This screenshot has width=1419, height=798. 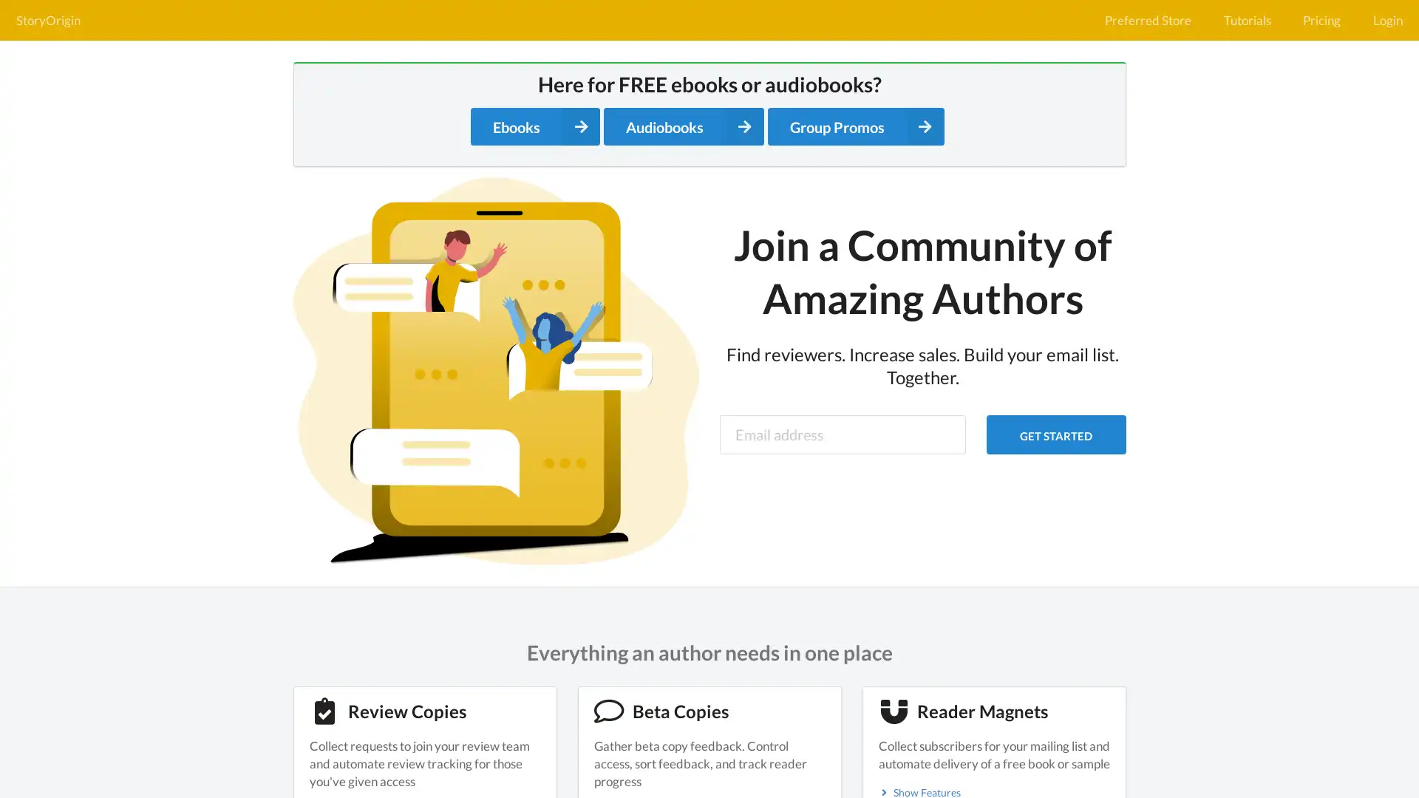 I want to click on Ebooks, so click(x=534, y=126).